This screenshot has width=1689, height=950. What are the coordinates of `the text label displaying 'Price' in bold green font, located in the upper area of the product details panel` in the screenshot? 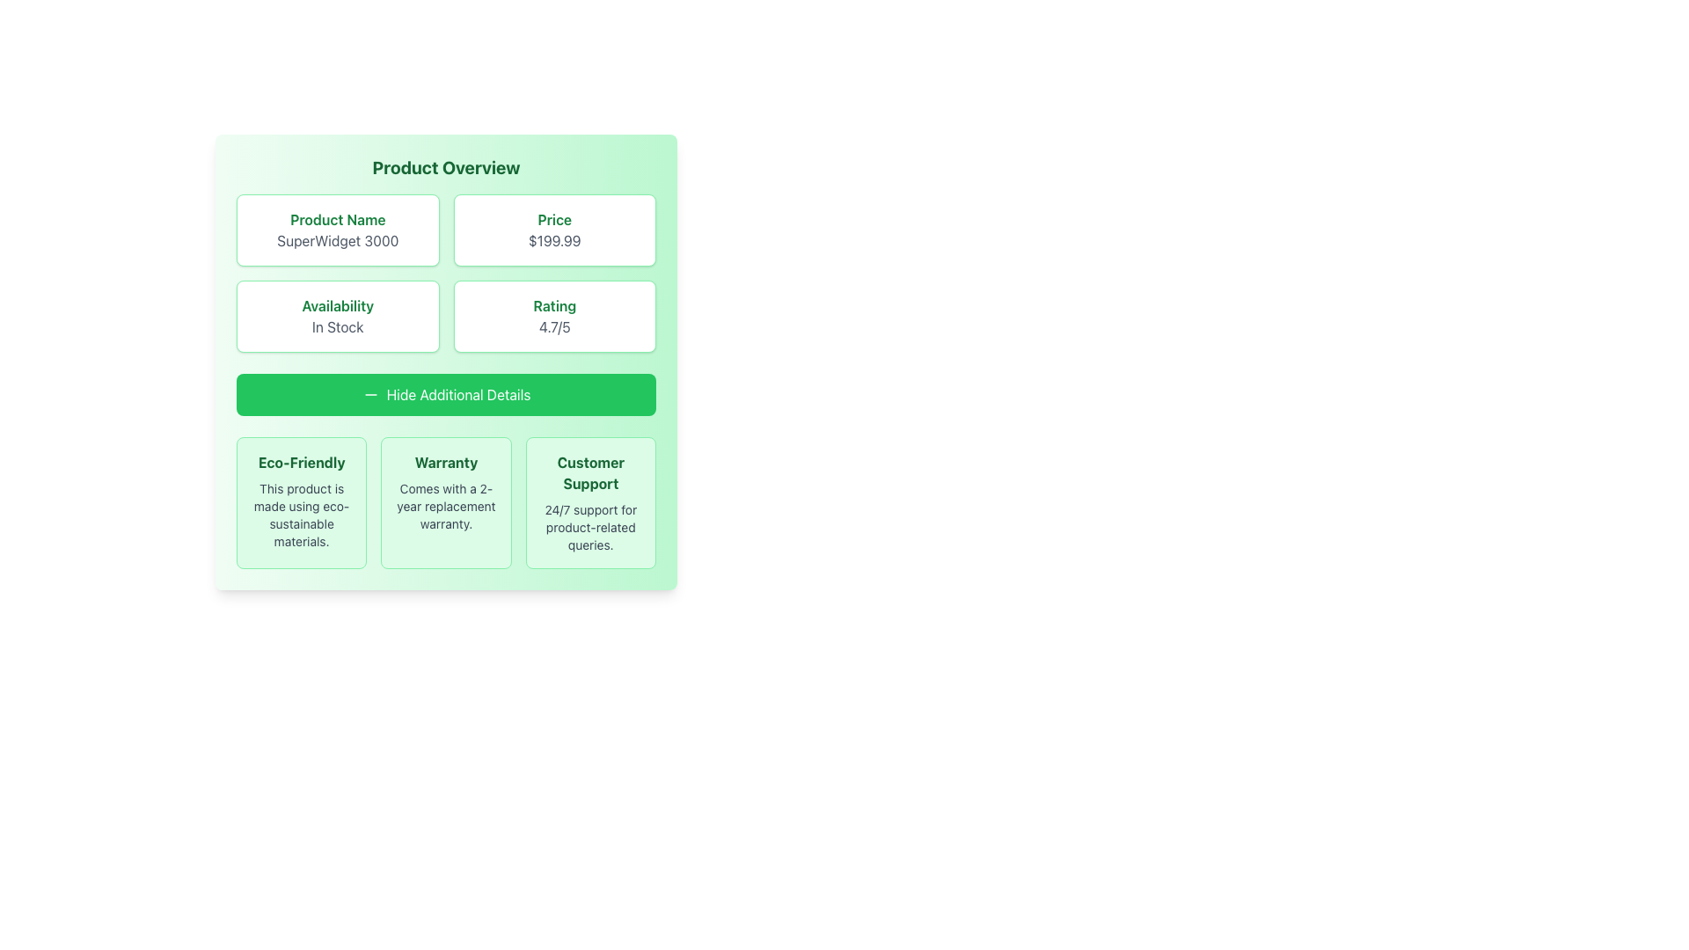 It's located at (553, 219).